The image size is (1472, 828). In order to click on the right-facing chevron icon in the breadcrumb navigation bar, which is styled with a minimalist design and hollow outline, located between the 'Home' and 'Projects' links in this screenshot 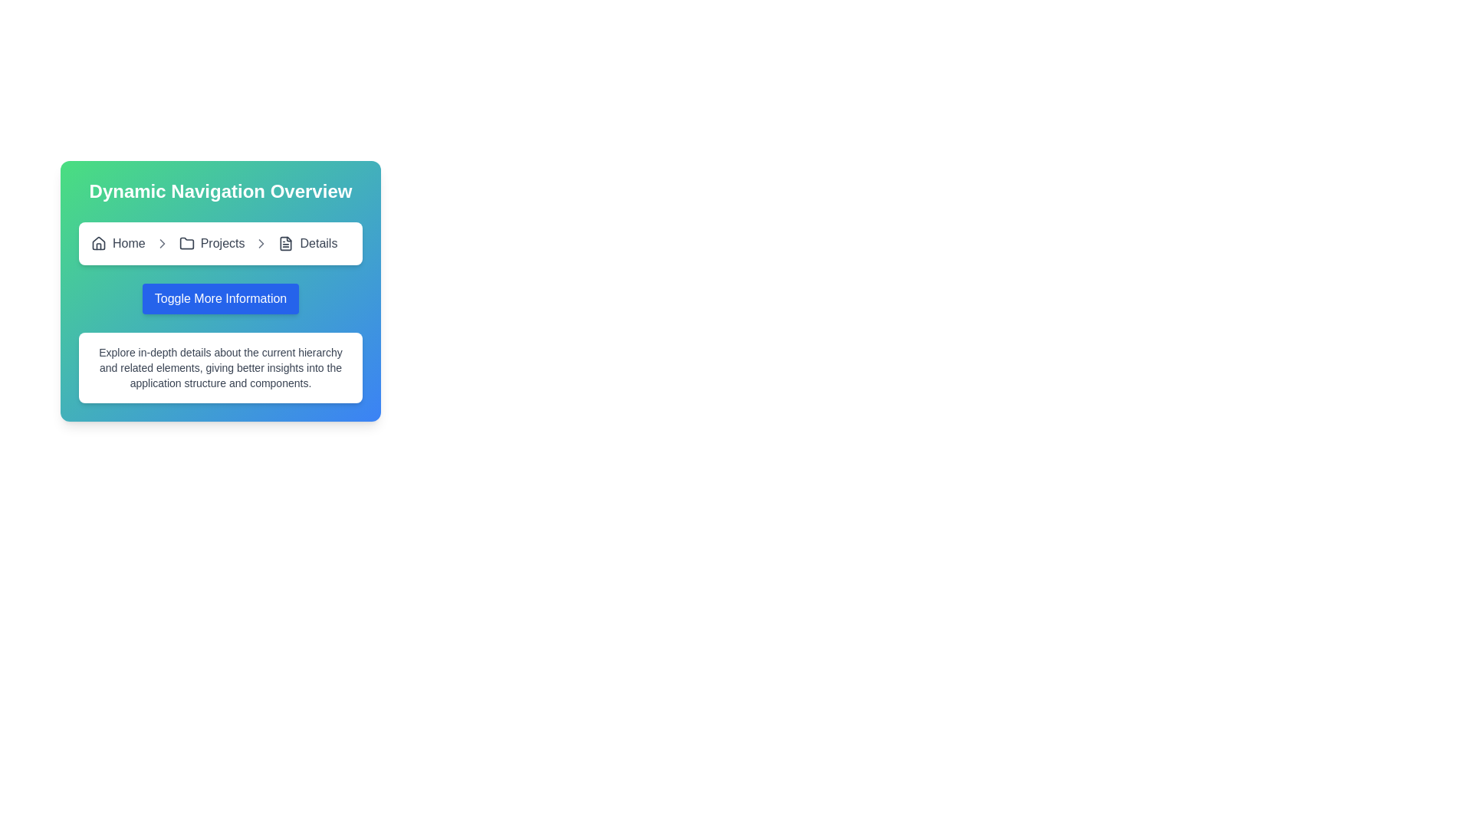, I will do `click(162, 242)`.